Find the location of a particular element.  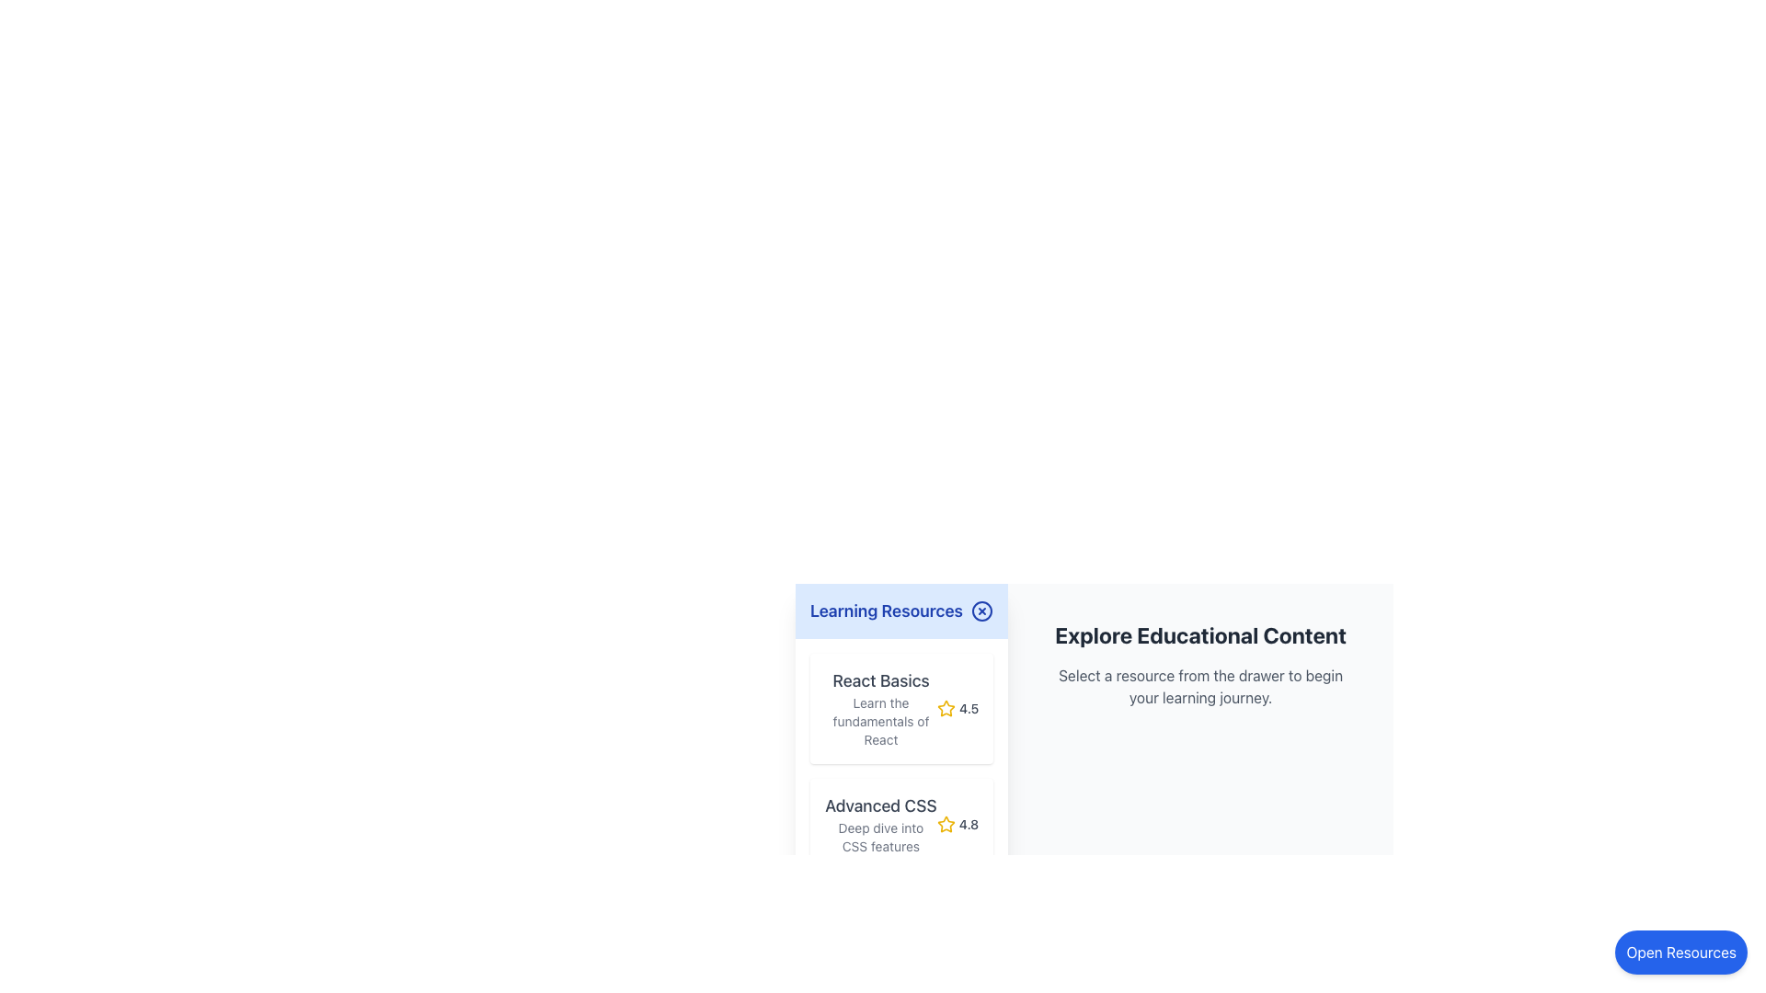

the header labeled 'Learning Resources' with a light blue background to bring up a context menu is located at coordinates (901, 611).